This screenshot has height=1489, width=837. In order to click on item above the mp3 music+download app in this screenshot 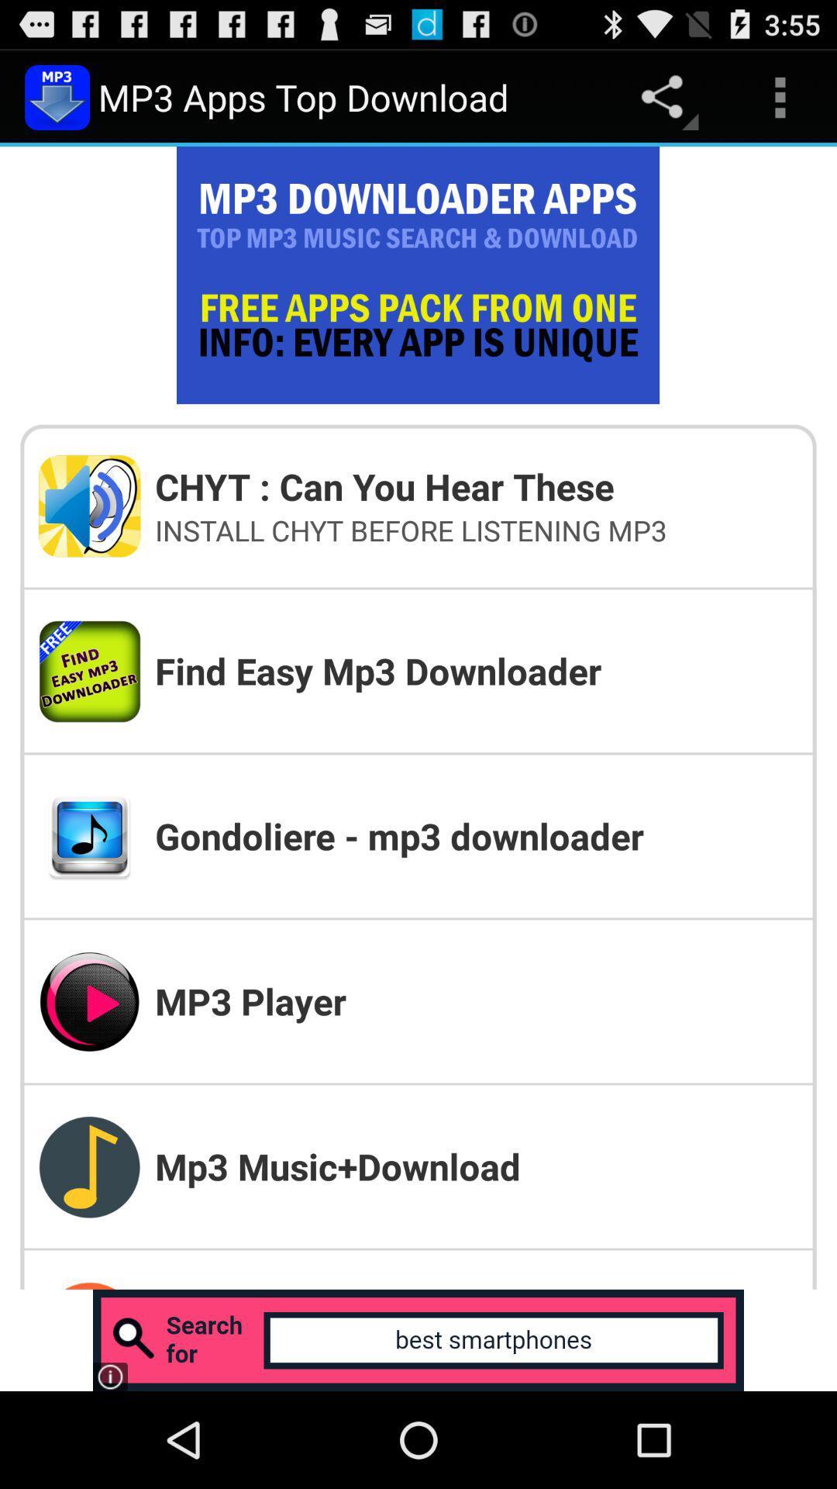, I will do `click(475, 1001)`.